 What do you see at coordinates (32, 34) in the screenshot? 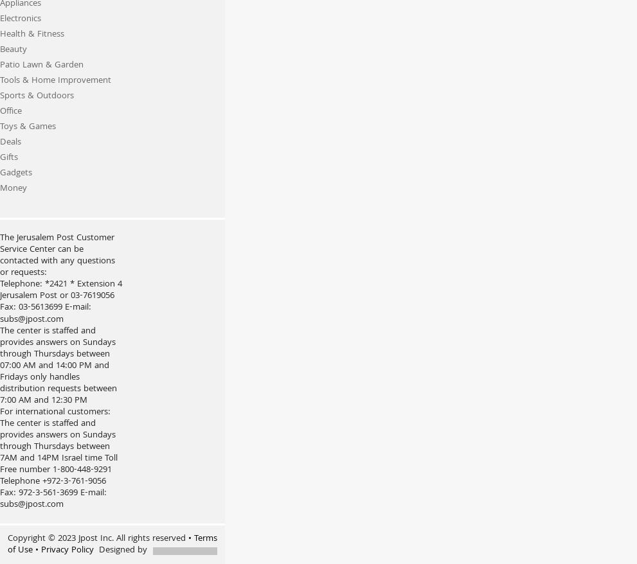
I see `'Health & Fitness'` at bounding box center [32, 34].